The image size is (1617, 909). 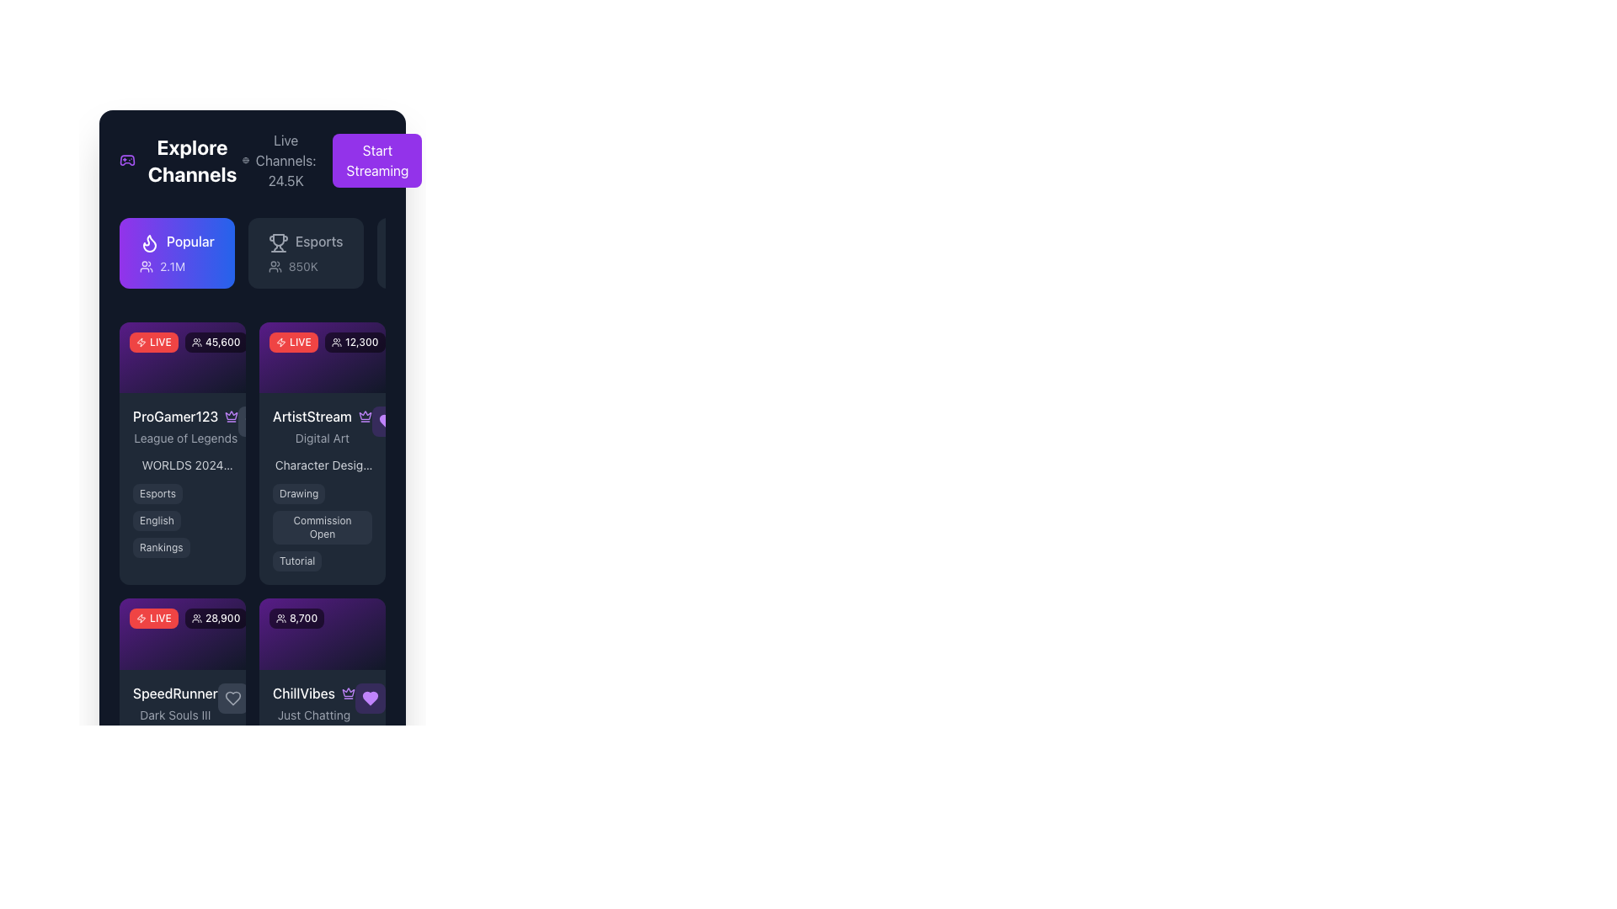 What do you see at coordinates (177, 265) in the screenshot?
I see `the static text label displaying '2.1M' which is located at the bottom of the 'Popular' button, aligned to the left side, below a flame icon` at bounding box center [177, 265].